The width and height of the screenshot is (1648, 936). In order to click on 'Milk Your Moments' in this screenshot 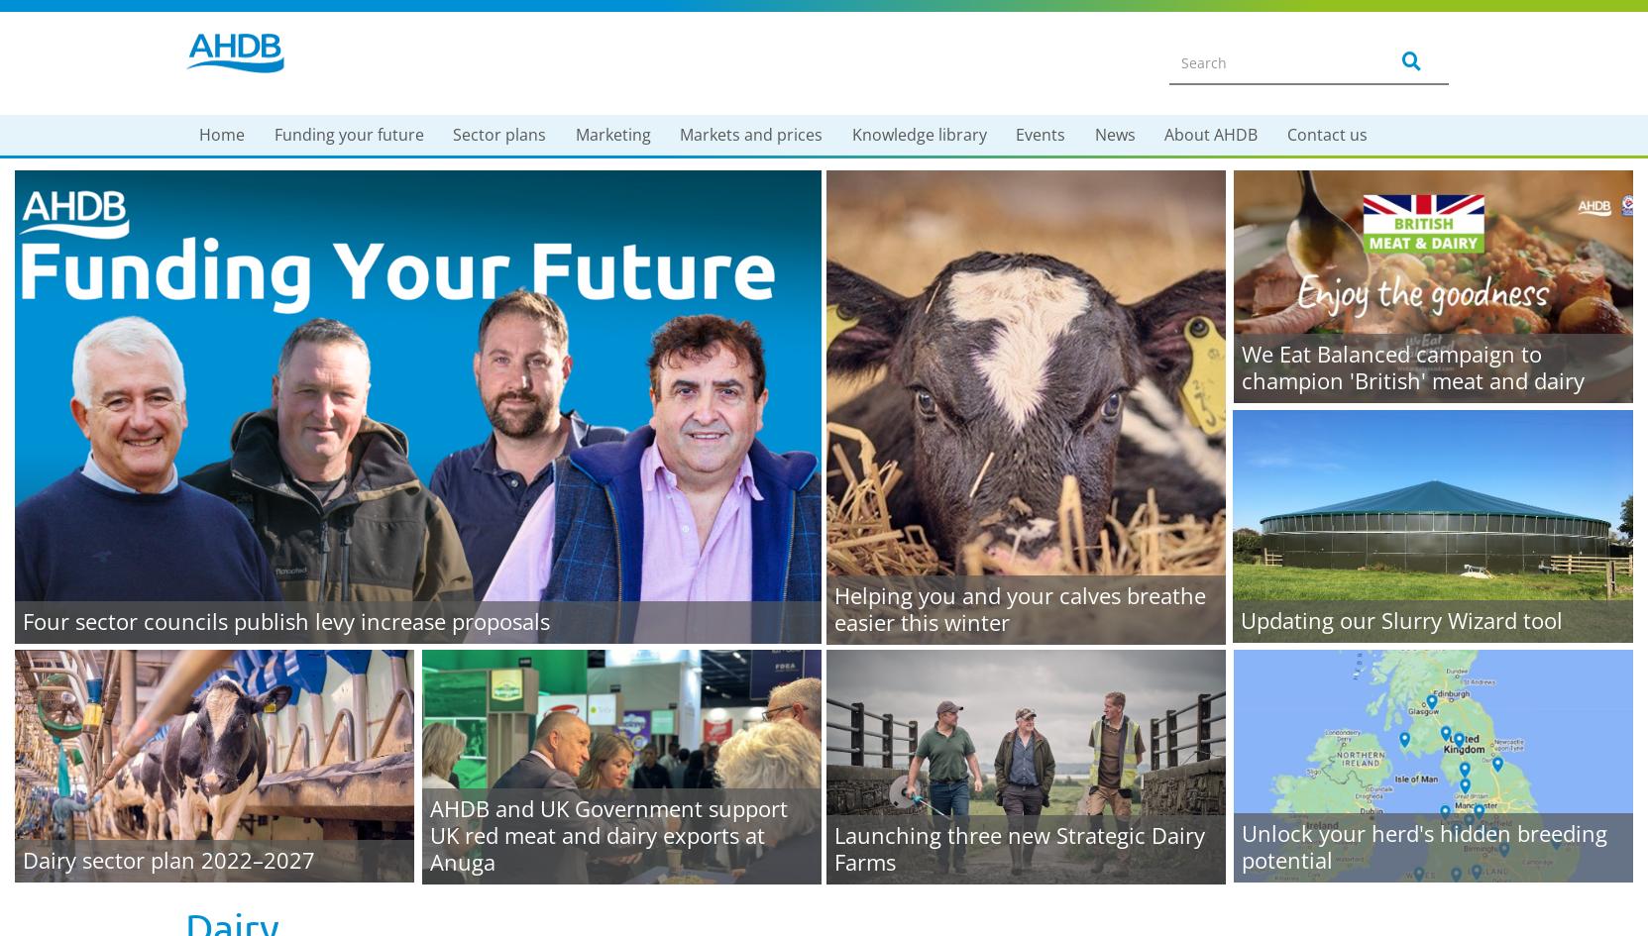, I will do `click(299, 217)`.